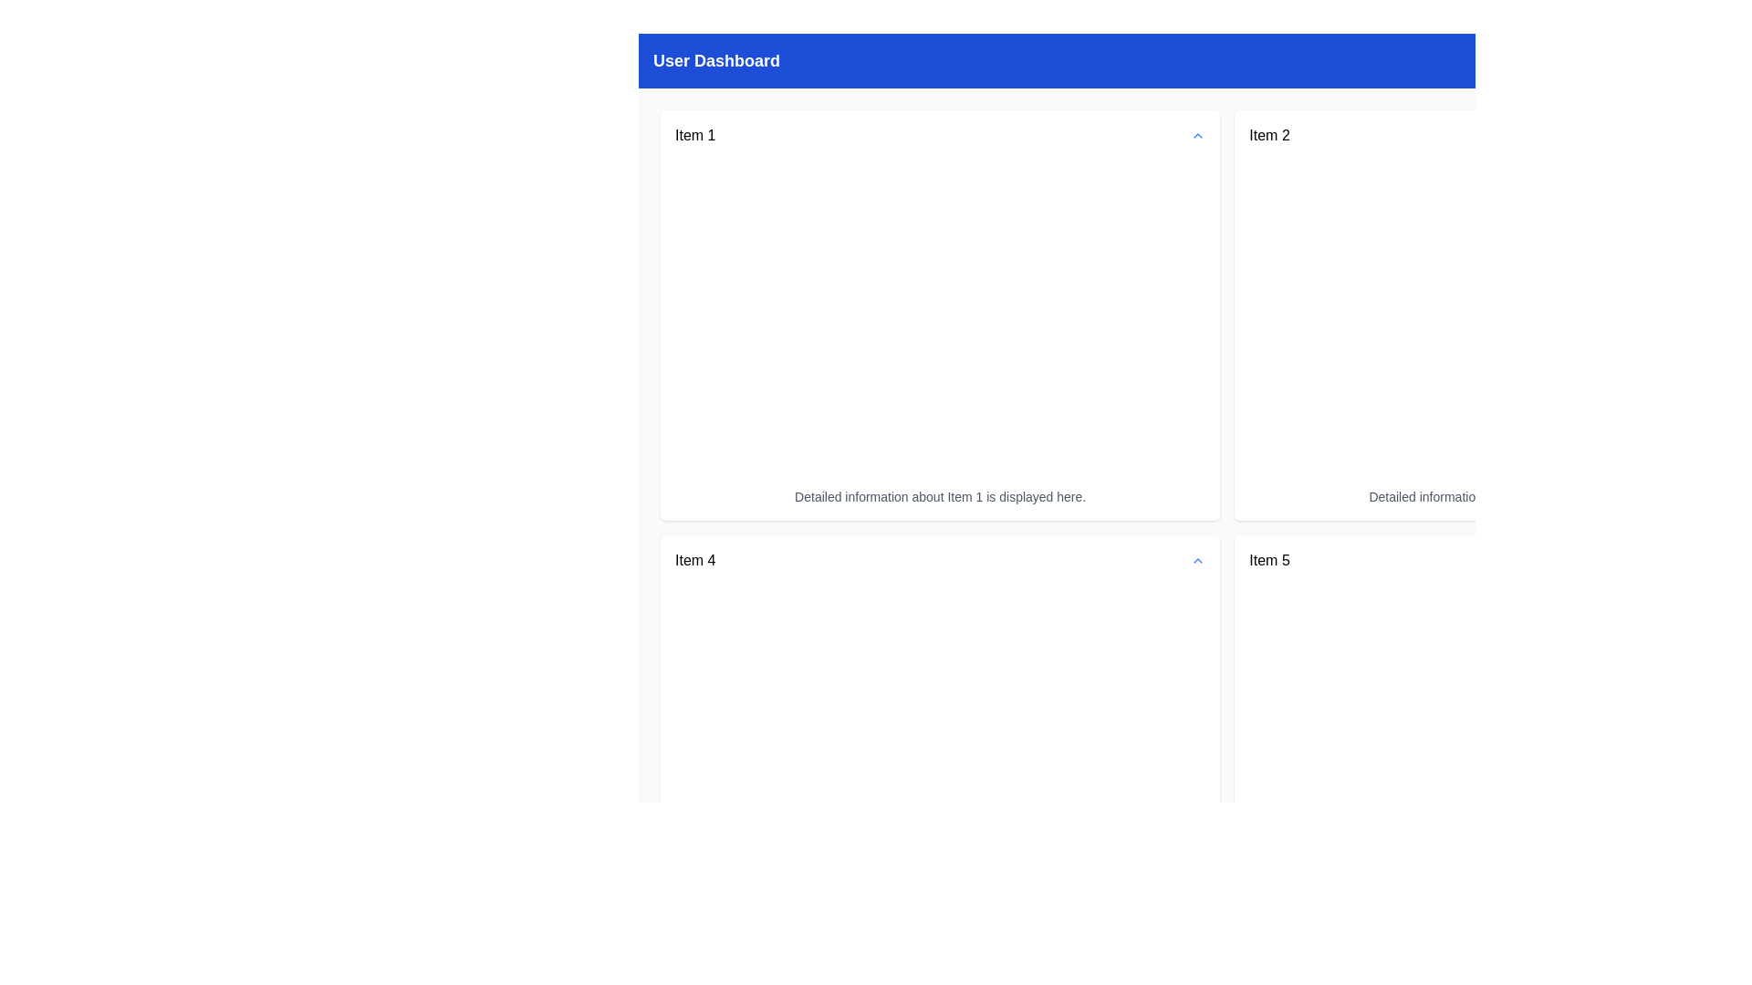 Image resolution: width=1752 pixels, height=985 pixels. Describe the element at coordinates (940, 315) in the screenshot. I see `the visual card displaying details for 'Item 1', located in the first row and first column of the grid layout` at that location.